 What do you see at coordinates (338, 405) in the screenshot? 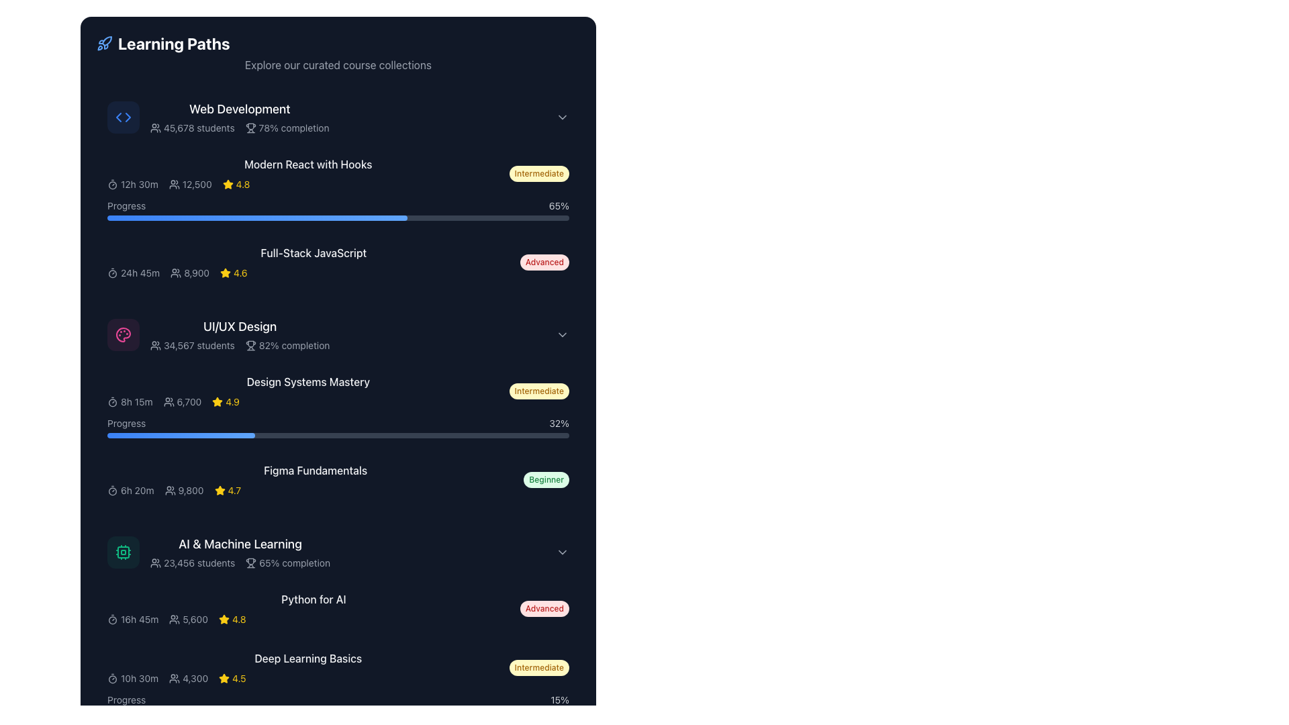
I see `the course title 'Design Systems Mastery'` at bounding box center [338, 405].